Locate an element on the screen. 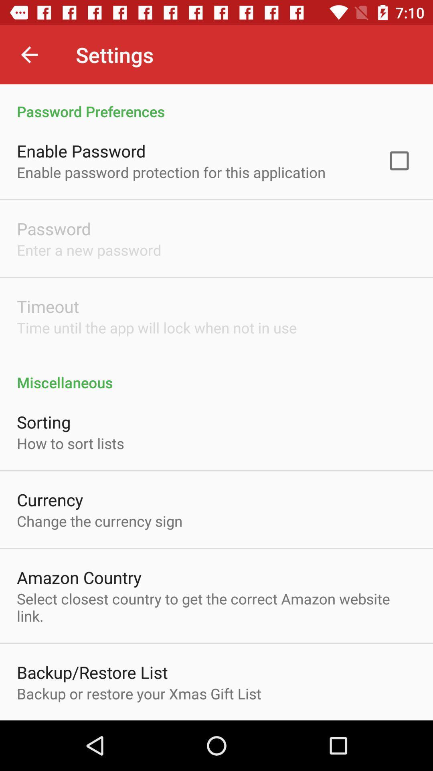  icon above password preferences icon is located at coordinates (29, 54).